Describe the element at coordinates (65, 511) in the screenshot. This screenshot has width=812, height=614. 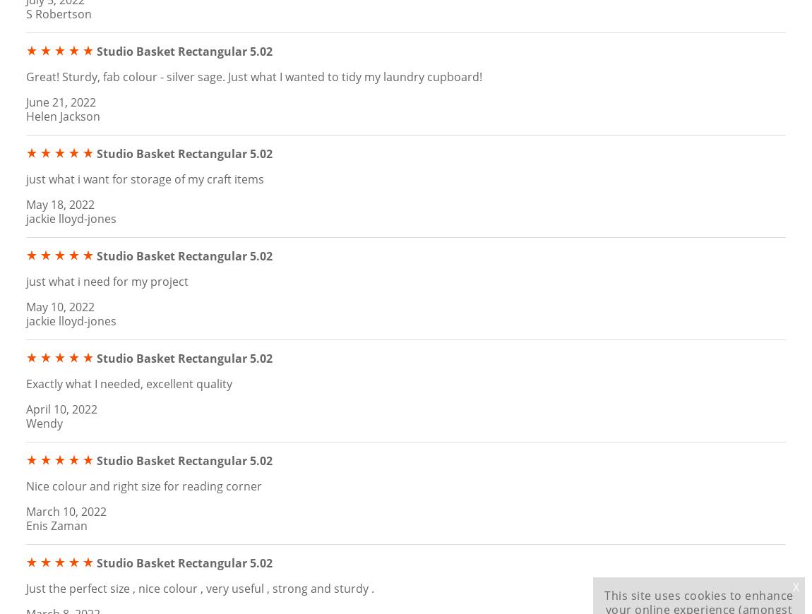
I see `'March 10, 2022'` at that location.